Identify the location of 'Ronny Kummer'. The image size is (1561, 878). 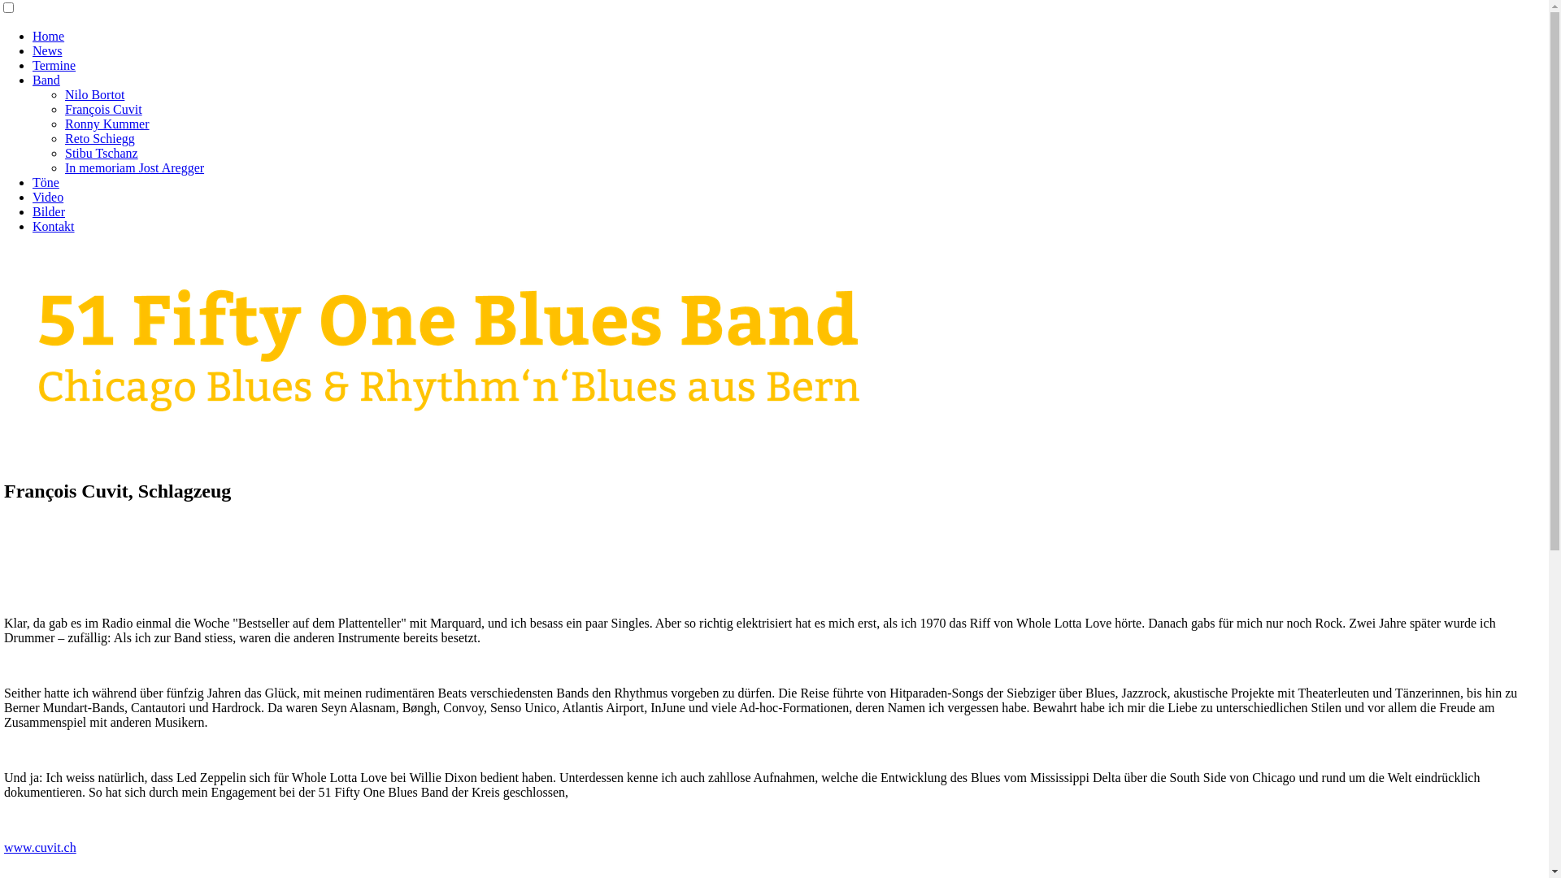
(107, 123).